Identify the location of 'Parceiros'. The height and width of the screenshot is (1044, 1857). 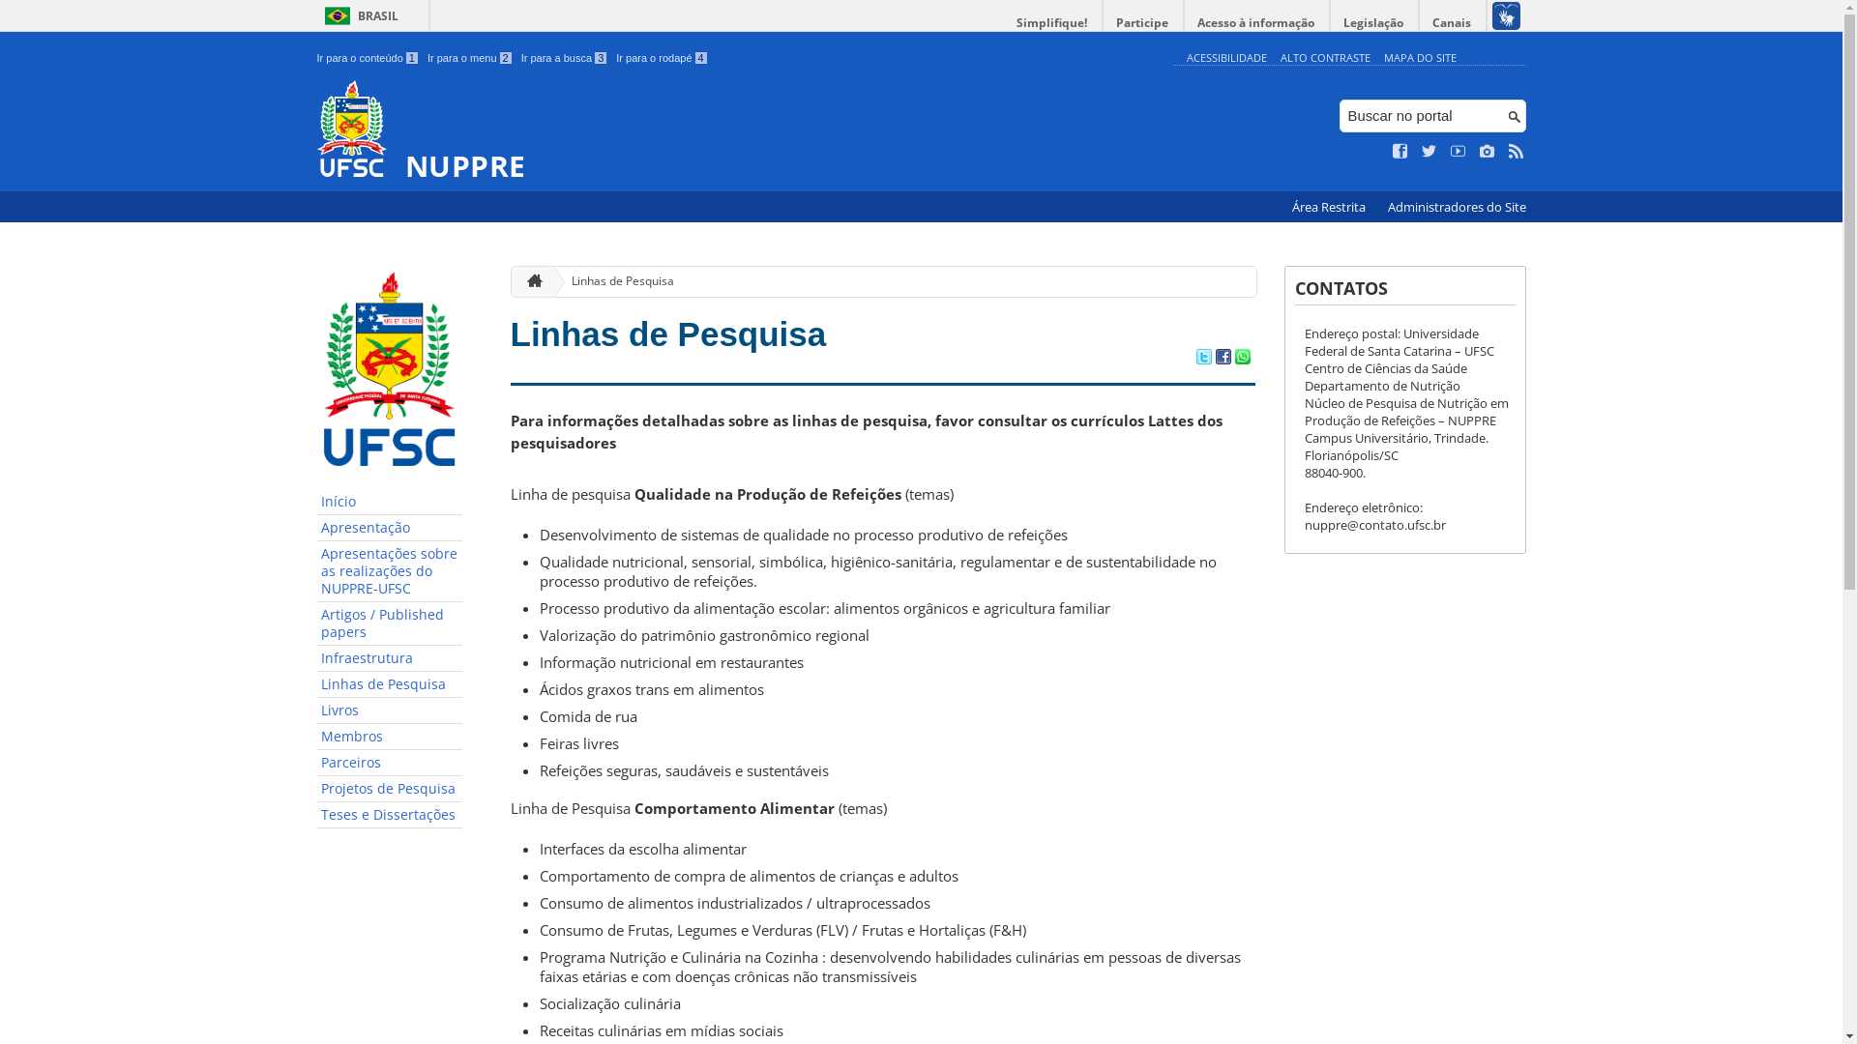
(389, 762).